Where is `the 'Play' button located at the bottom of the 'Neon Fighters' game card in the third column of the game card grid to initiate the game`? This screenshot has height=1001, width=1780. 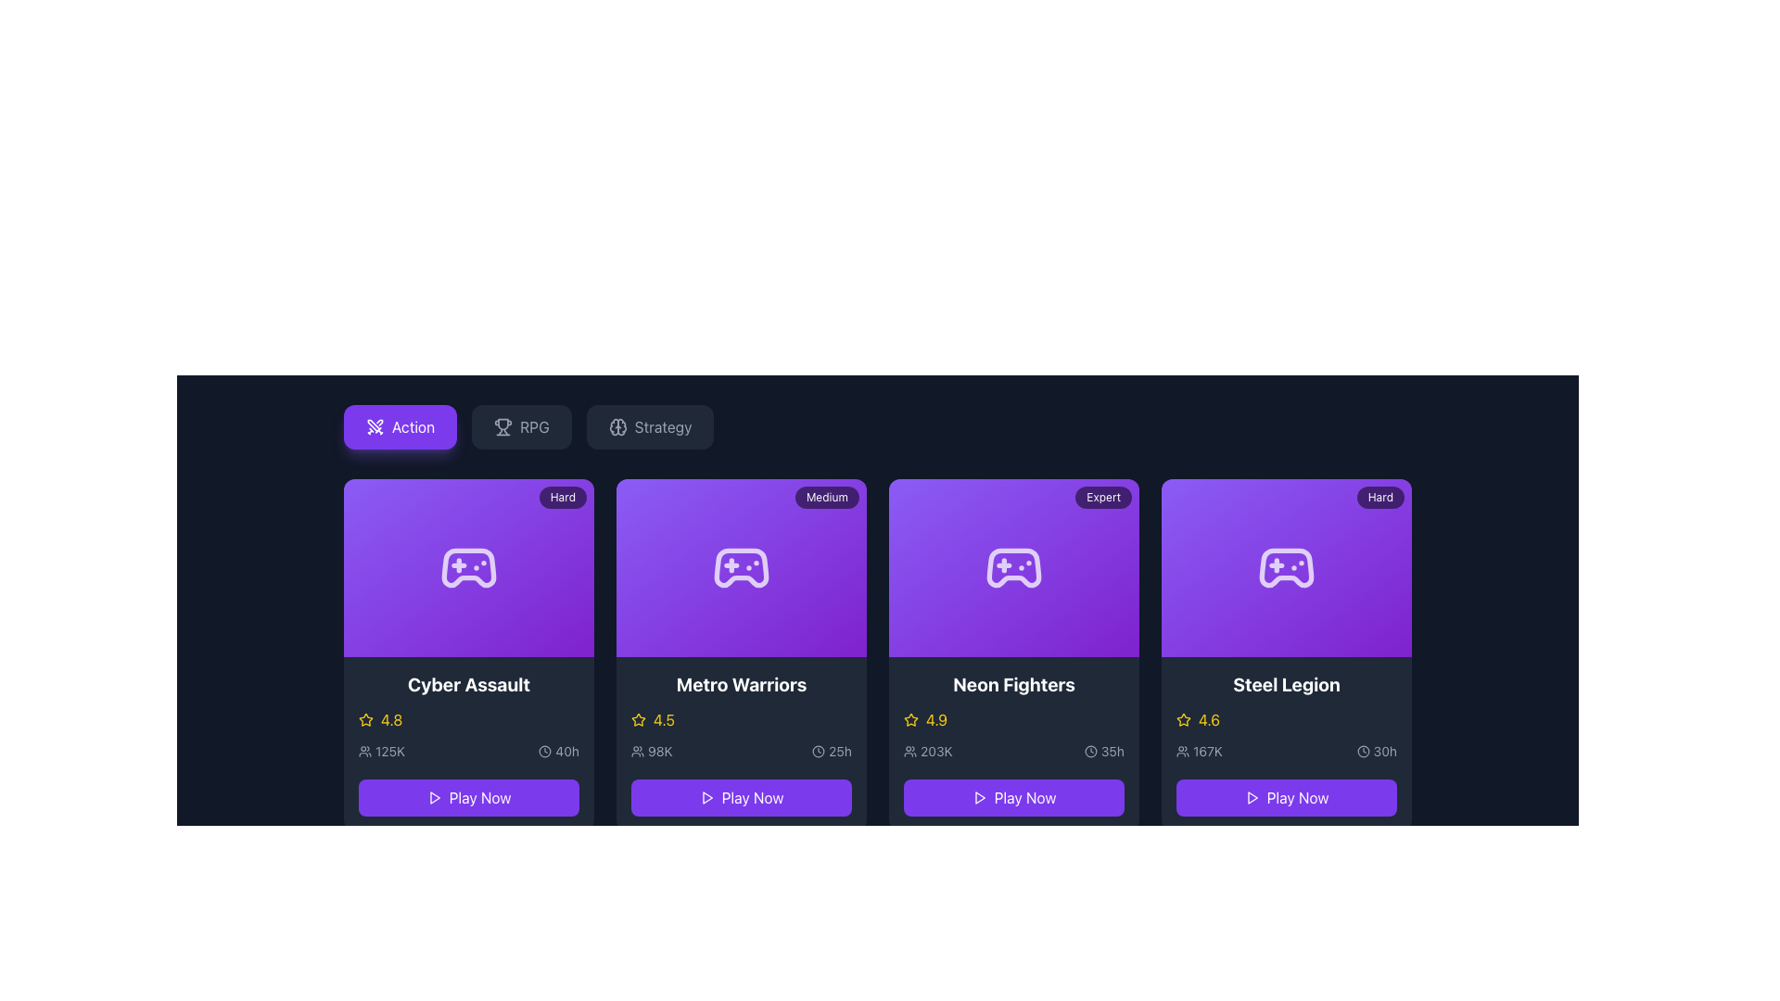
the 'Play' button located at the bottom of the 'Neon Fighters' game card in the third column of the game card grid to initiate the game is located at coordinates (1013, 796).